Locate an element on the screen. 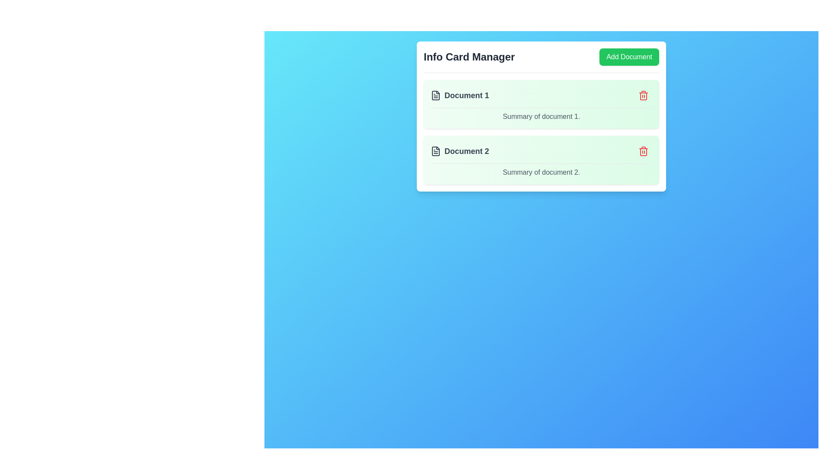 The image size is (831, 467). the text label reading 'Document 2' with a decorative icon resembling a document file, located in the section below the title 'Info Card Manager' is located at coordinates (459, 151).